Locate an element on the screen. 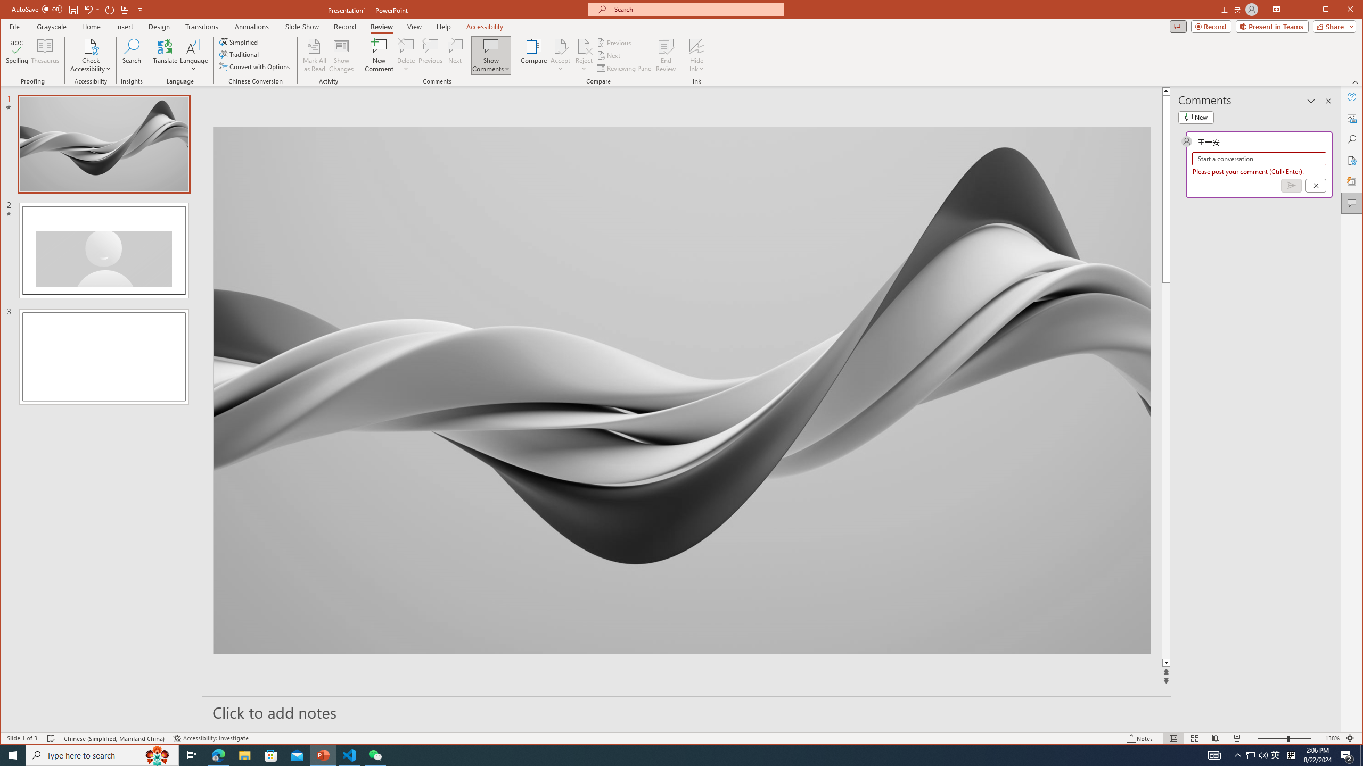 The height and width of the screenshot is (766, 1363). 'Grayscale' is located at coordinates (52, 26).